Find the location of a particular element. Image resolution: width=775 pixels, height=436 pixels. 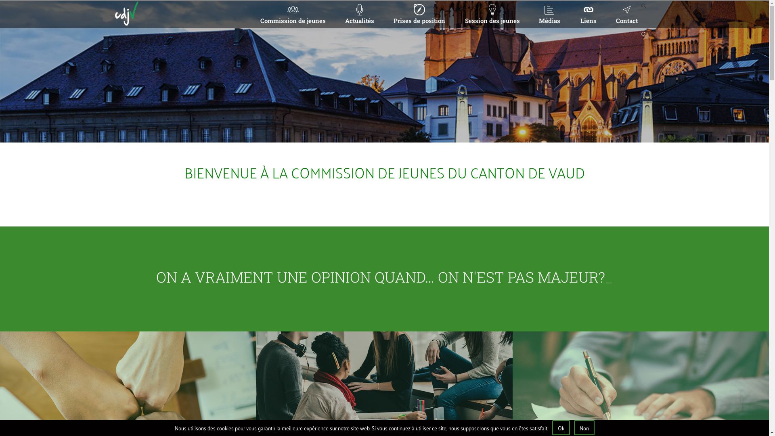

'Session des jeunes' is located at coordinates (492, 14).